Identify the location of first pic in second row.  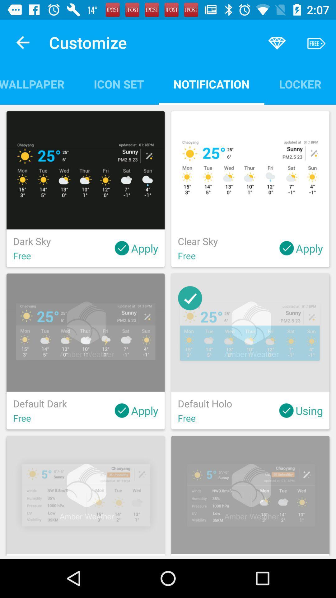
(86, 351).